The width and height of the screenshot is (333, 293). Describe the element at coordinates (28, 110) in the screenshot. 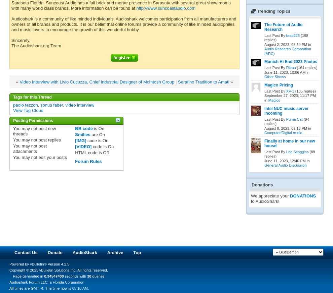

I see `'View Tag Cloud'` at that location.